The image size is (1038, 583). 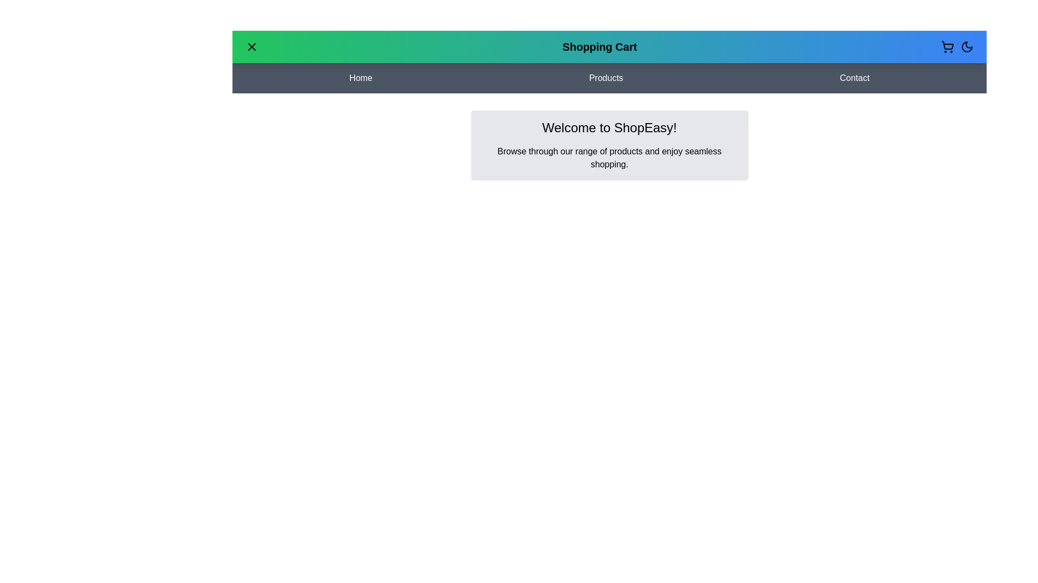 What do you see at coordinates (967, 46) in the screenshot?
I see `the button with the moon icon to switch between light and dark mode` at bounding box center [967, 46].